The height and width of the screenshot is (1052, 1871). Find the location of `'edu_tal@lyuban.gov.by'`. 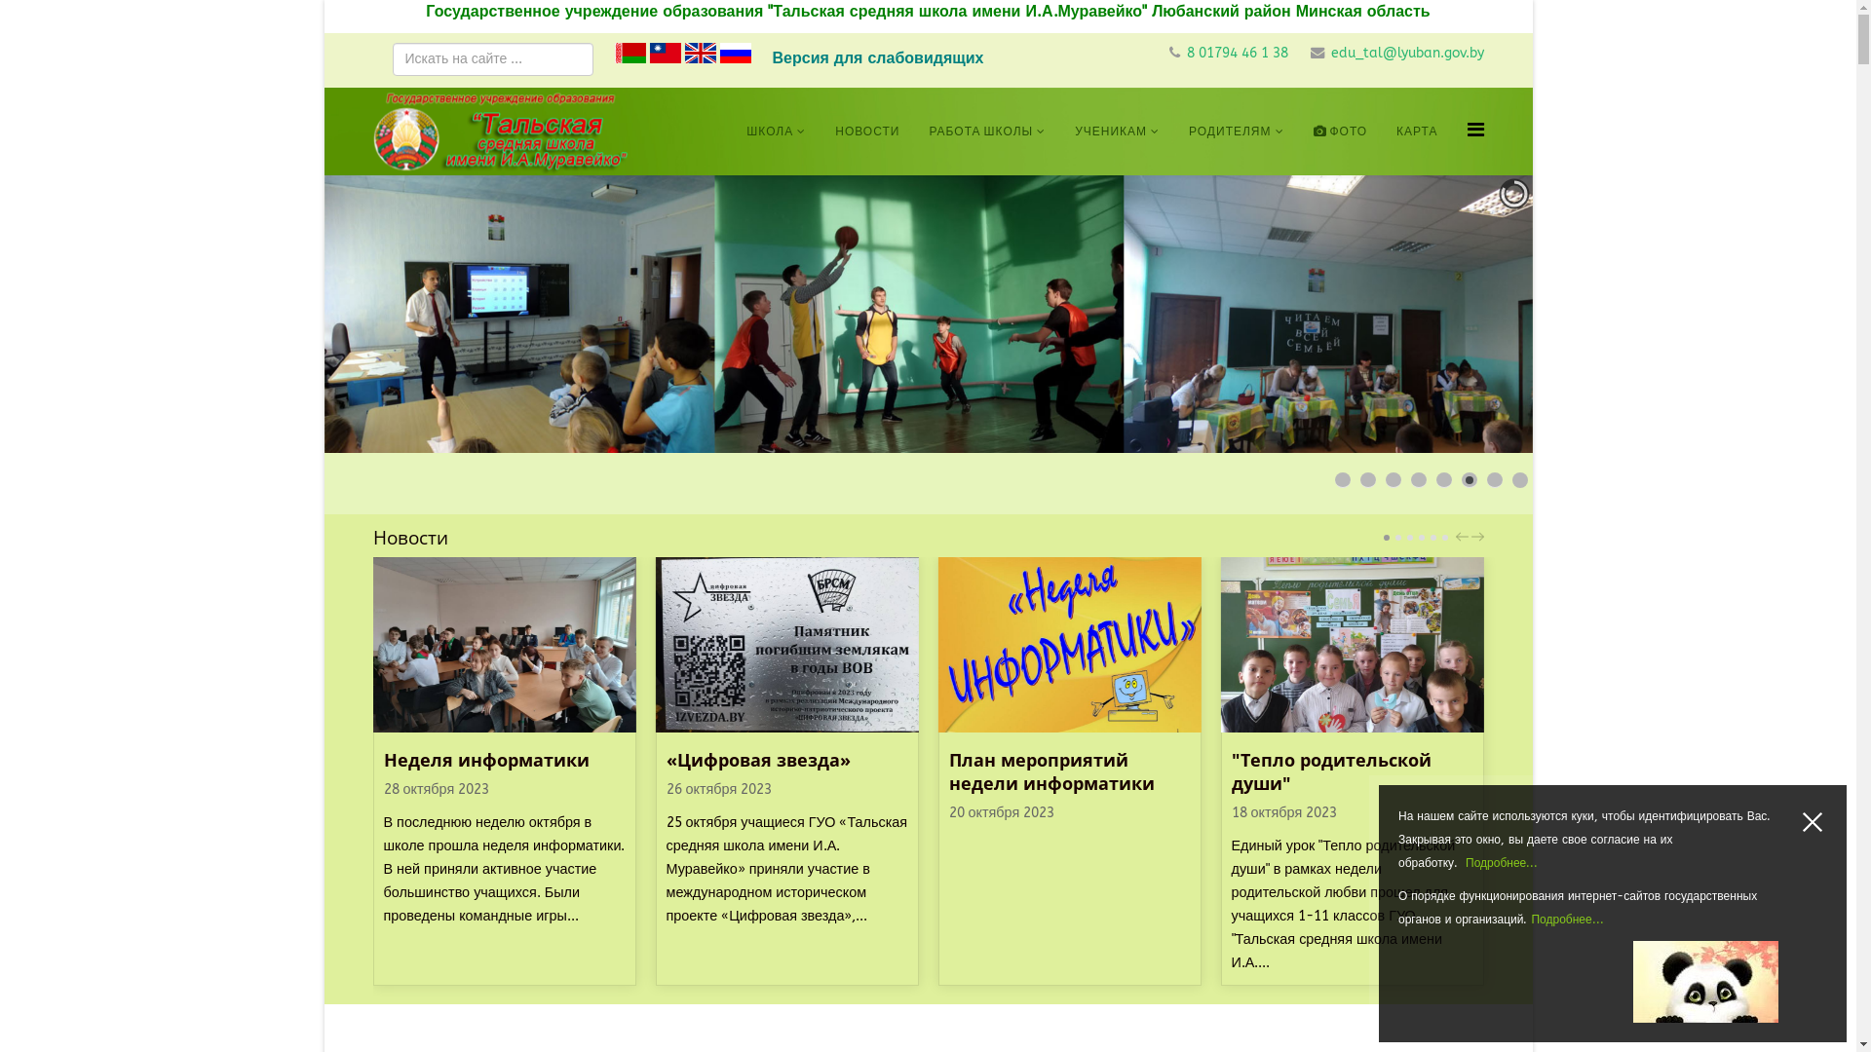

'edu_tal@lyuban.gov.by' is located at coordinates (1407, 52).